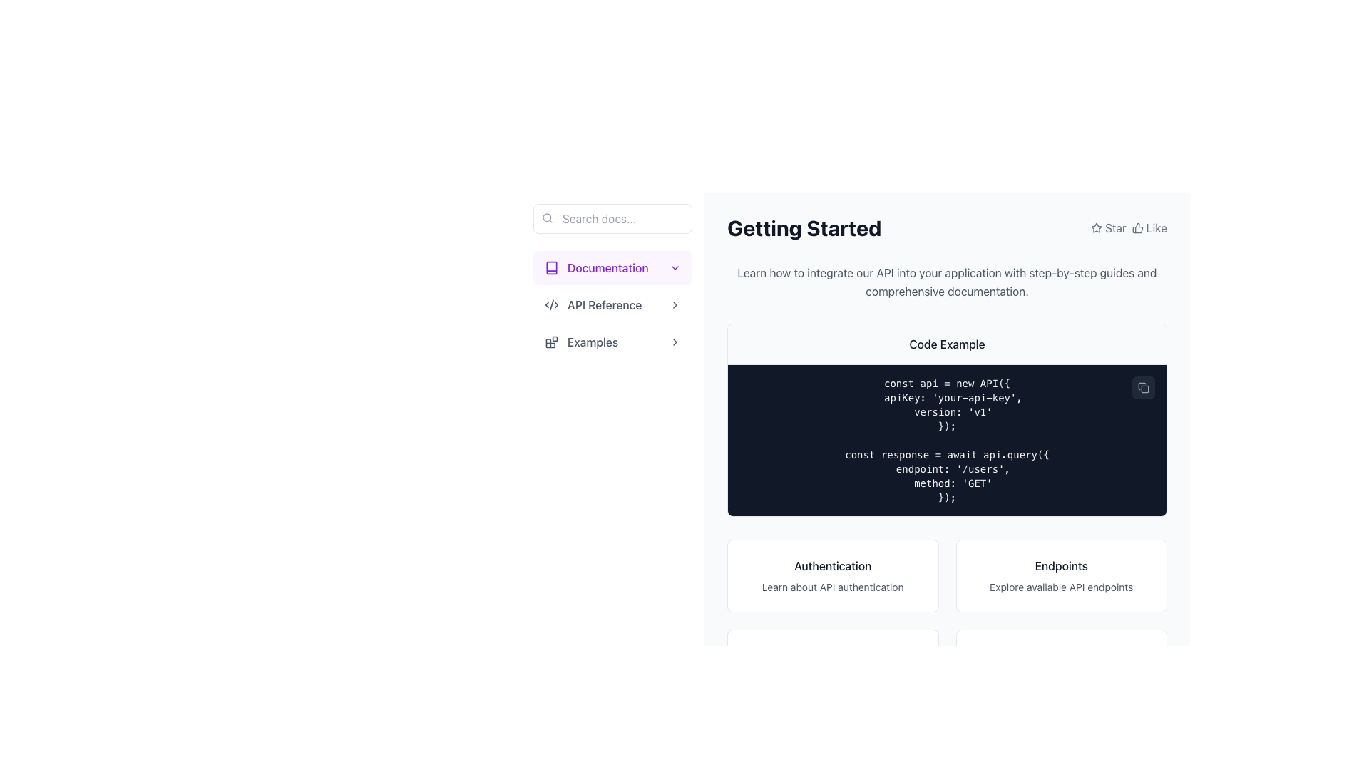 The width and height of the screenshot is (1369, 770). Describe the element at coordinates (833, 575) in the screenshot. I see `the first informational card about API authentication located in the top row of the grid structure` at that location.